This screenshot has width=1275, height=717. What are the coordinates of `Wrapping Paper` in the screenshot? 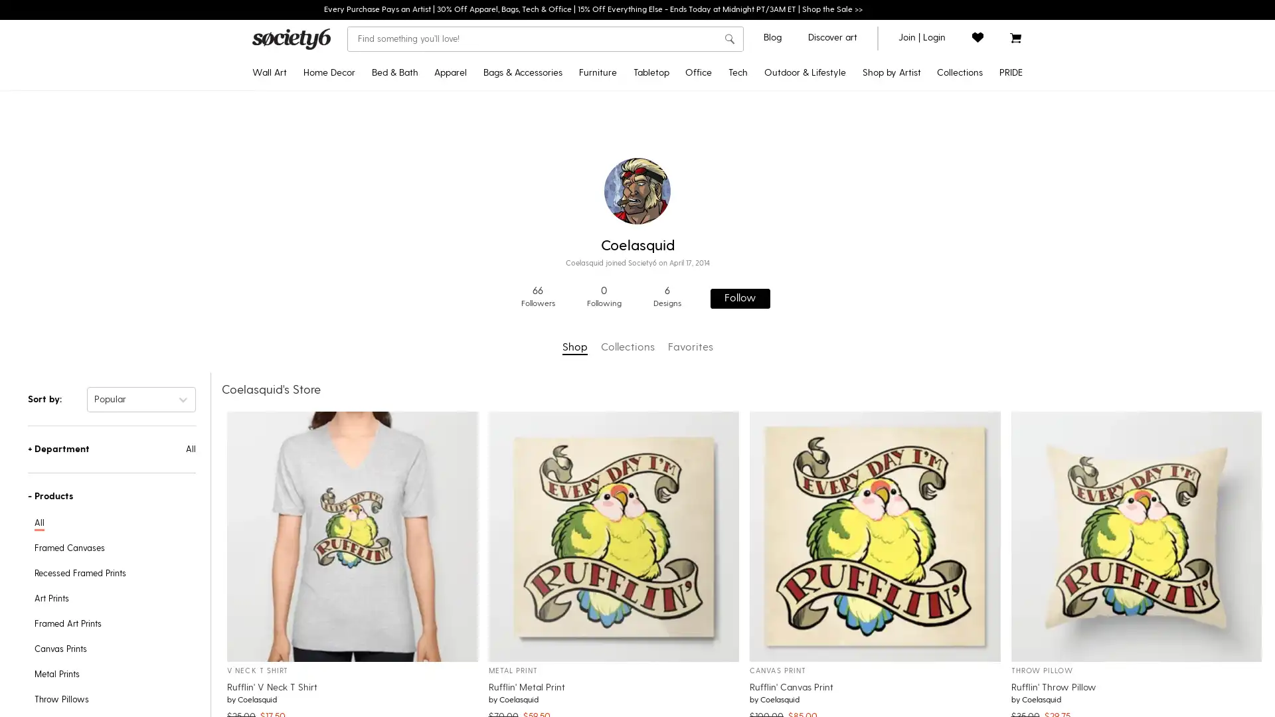 It's located at (731, 256).